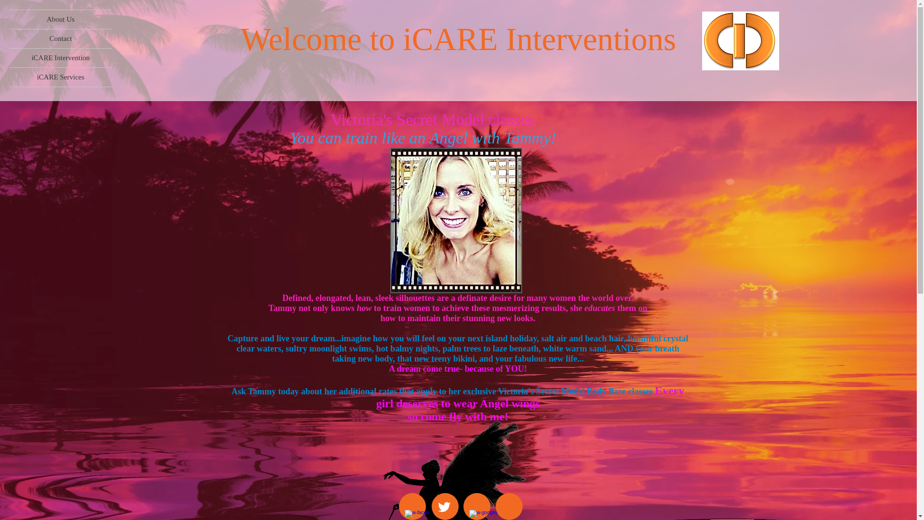 The width and height of the screenshot is (924, 520). I want to click on 'Contact', so click(60, 38).